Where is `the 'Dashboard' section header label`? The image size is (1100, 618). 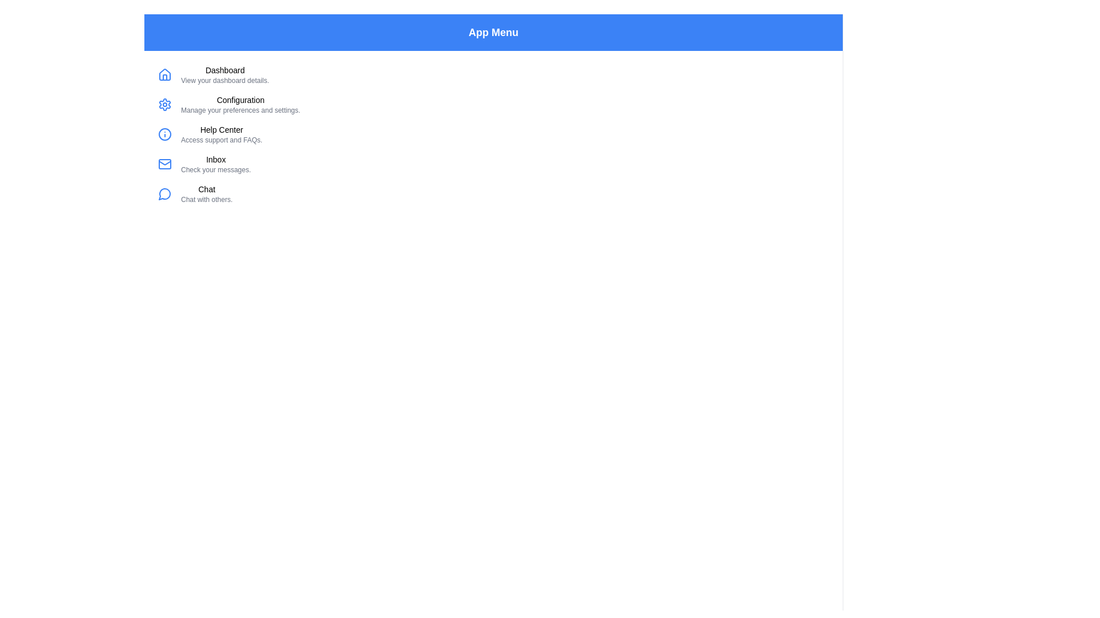 the 'Dashboard' section header label is located at coordinates (225, 70).